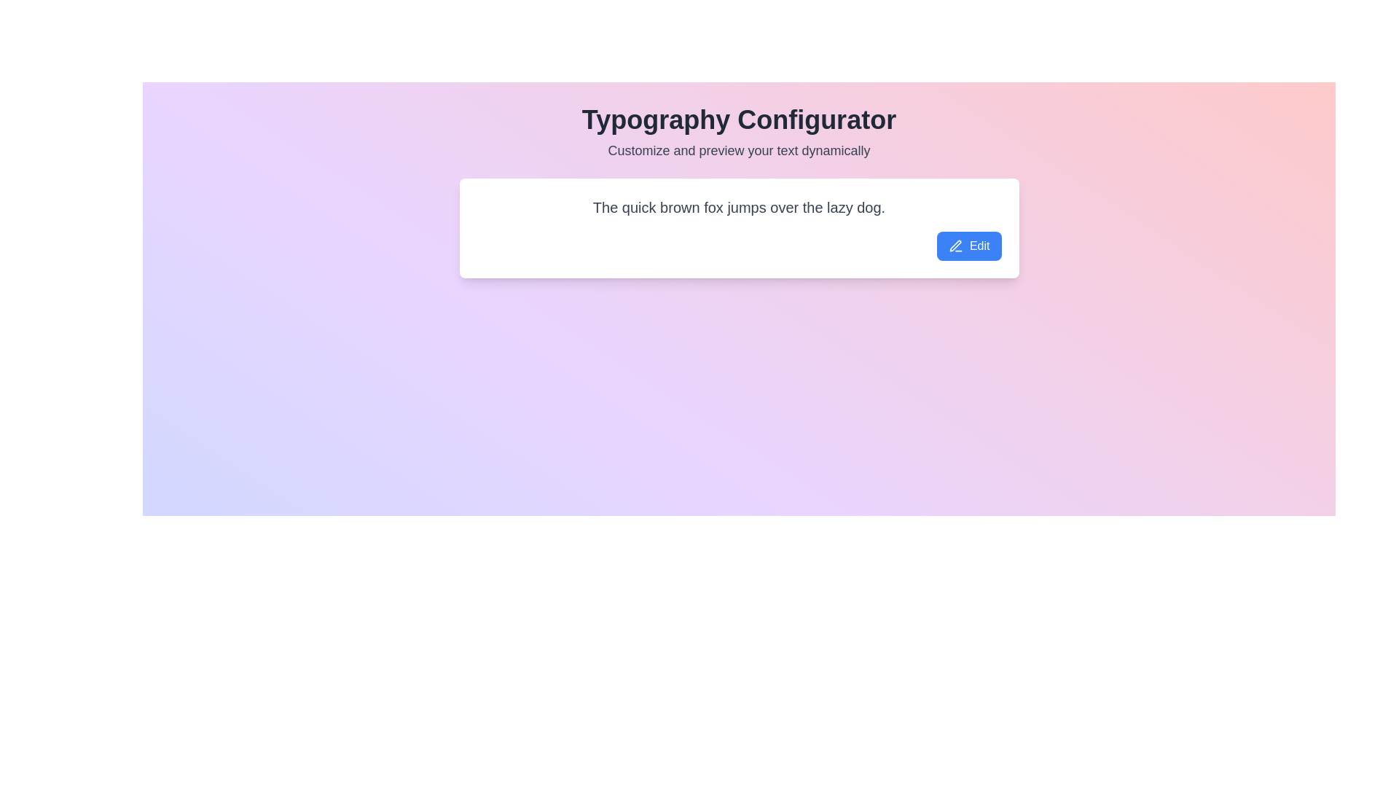  Describe the element at coordinates (739, 133) in the screenshot. I see `the Header element titled 'Typography Configurator' which features a subtitle 'Customize and preview your text dynamically'` at that location.